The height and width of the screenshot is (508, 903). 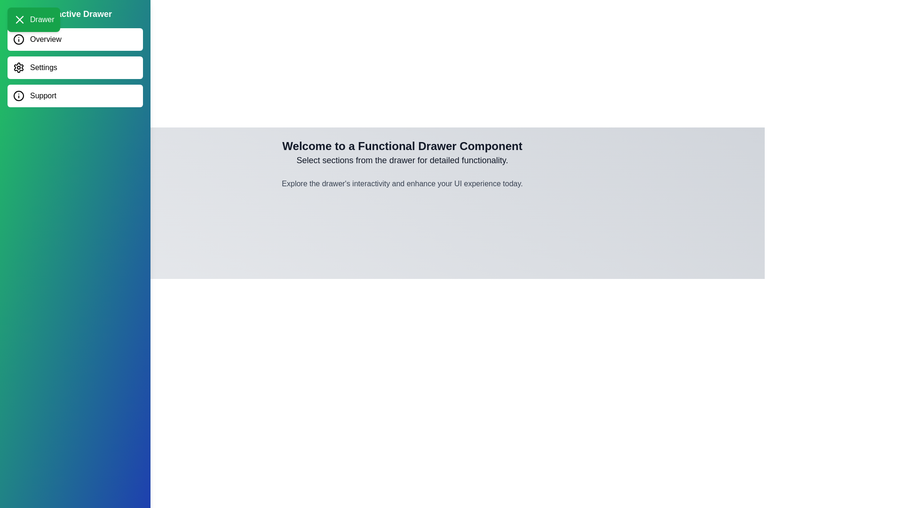 I want to click on the 'Drawer' button to toggle the drawer closed, so click(x=33, y=20).